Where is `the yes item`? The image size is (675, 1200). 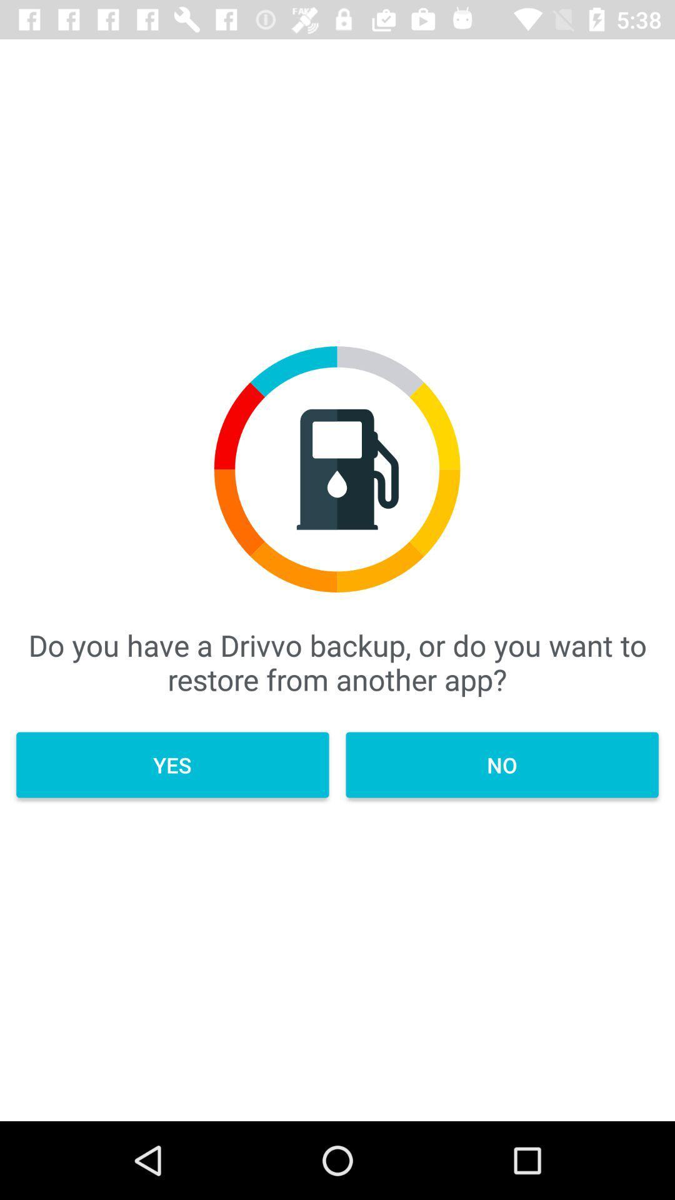
the yes item is located at coordinates (172, 764).